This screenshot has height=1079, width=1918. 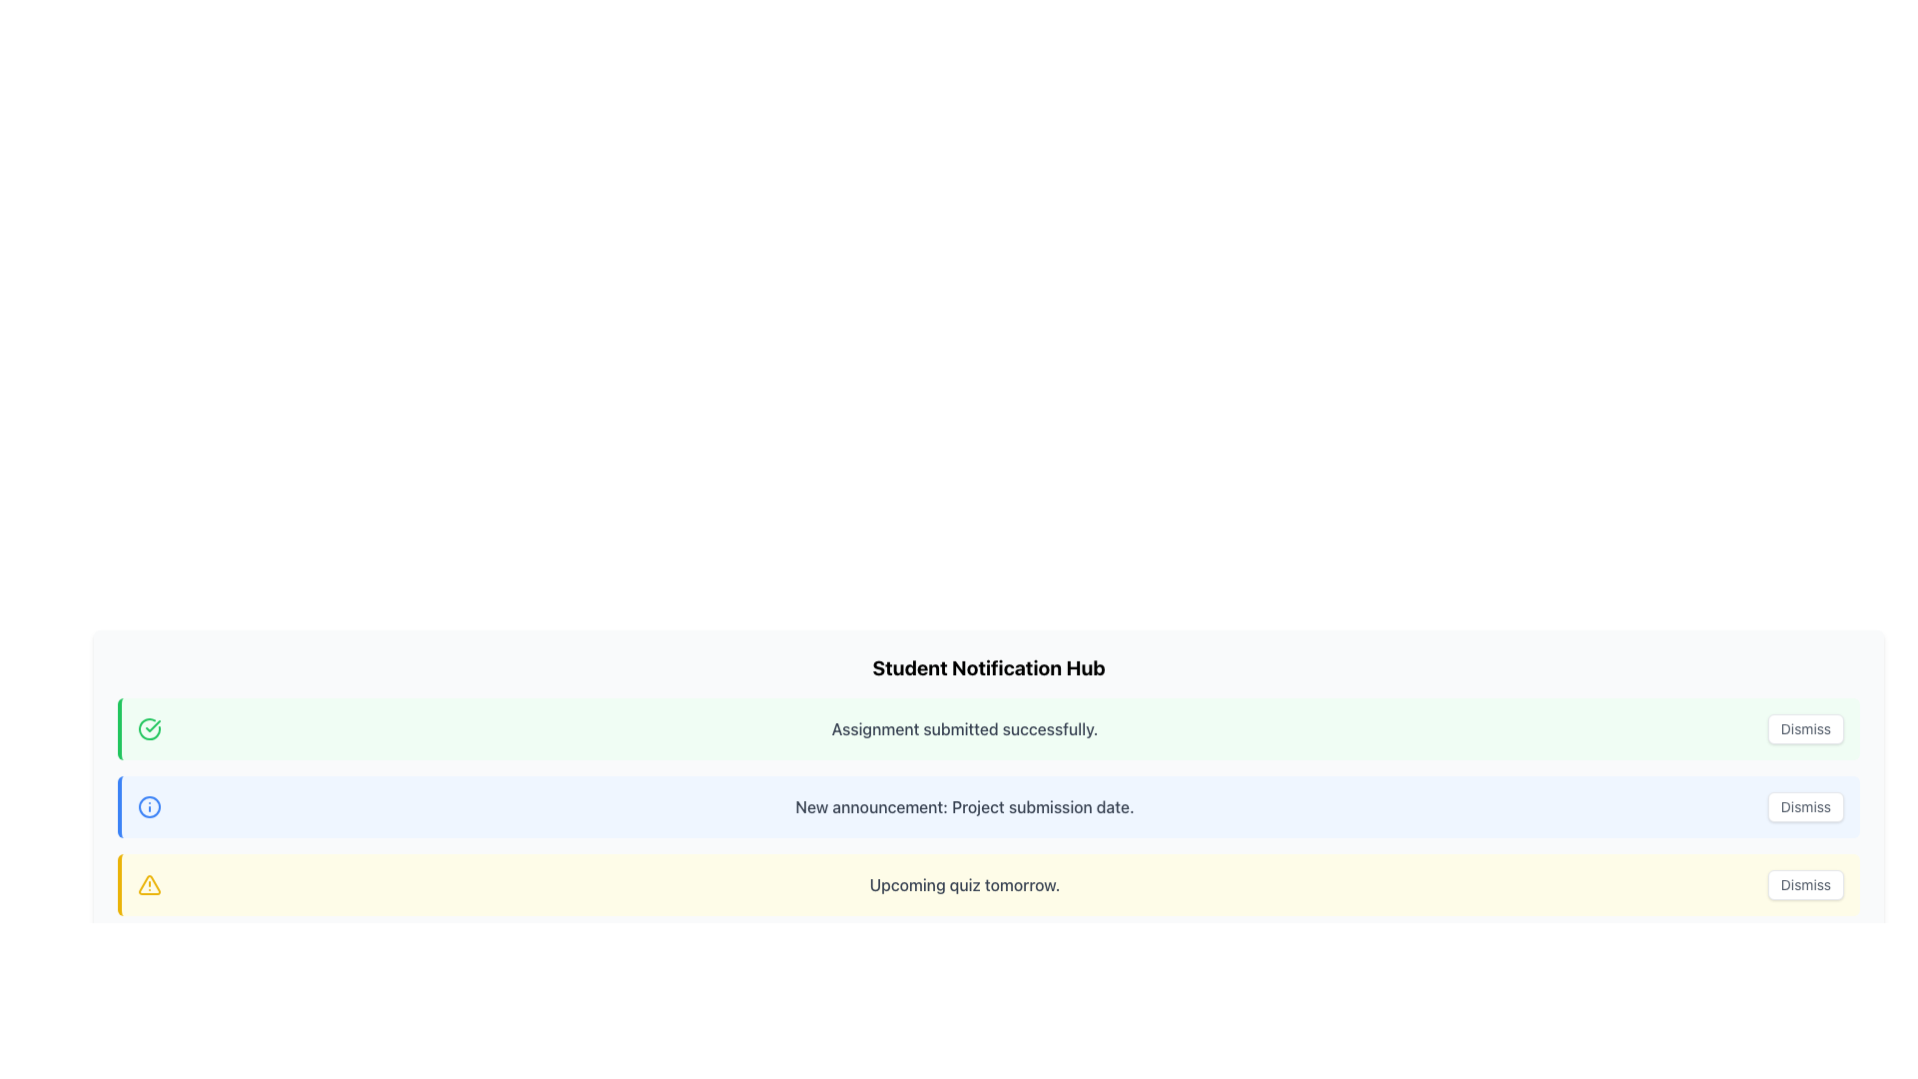 I want to click on text displayed in the notification label that informs the user about the project submission date, located between the information icon and the 'Dismiss' button, so click(x=964, y=805).